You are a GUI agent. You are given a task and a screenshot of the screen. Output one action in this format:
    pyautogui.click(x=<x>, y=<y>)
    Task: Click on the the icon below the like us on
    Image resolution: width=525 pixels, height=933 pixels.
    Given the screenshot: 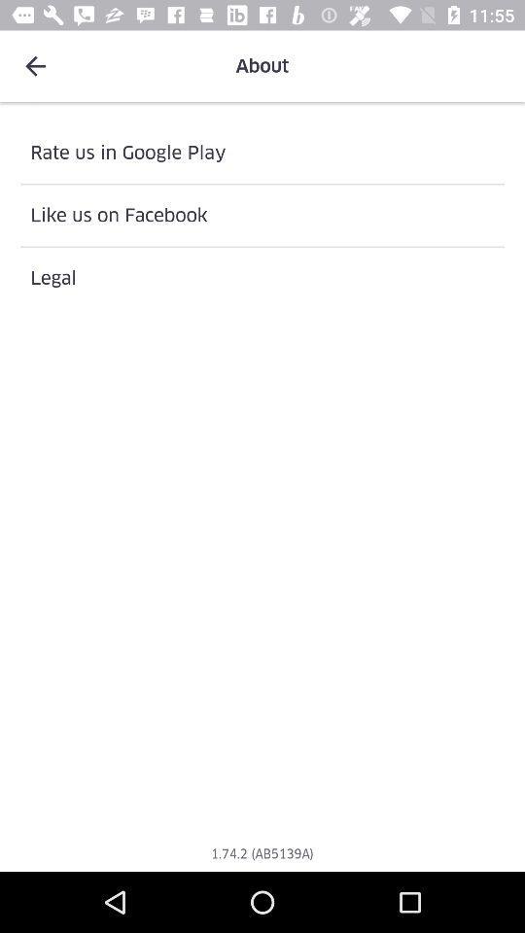 What is the action you would take?
    pyautogui.click(x=262, y=277)
    